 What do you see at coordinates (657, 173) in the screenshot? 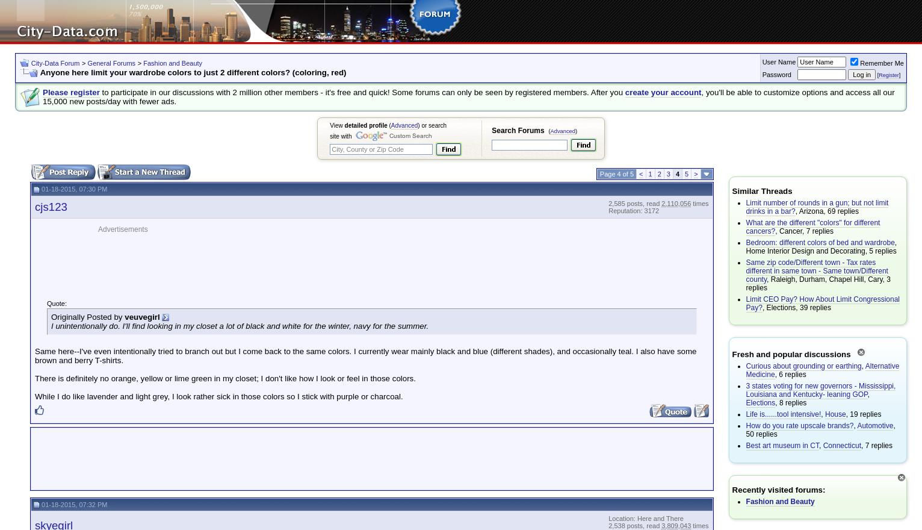
I see `'2'` at bounding box center [657, 173].